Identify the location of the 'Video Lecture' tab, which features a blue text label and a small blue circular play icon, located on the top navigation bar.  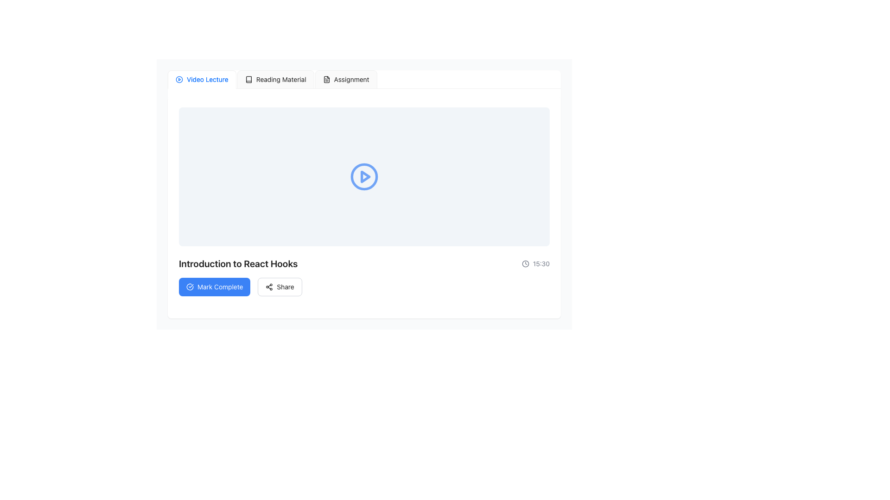
(201, 79).